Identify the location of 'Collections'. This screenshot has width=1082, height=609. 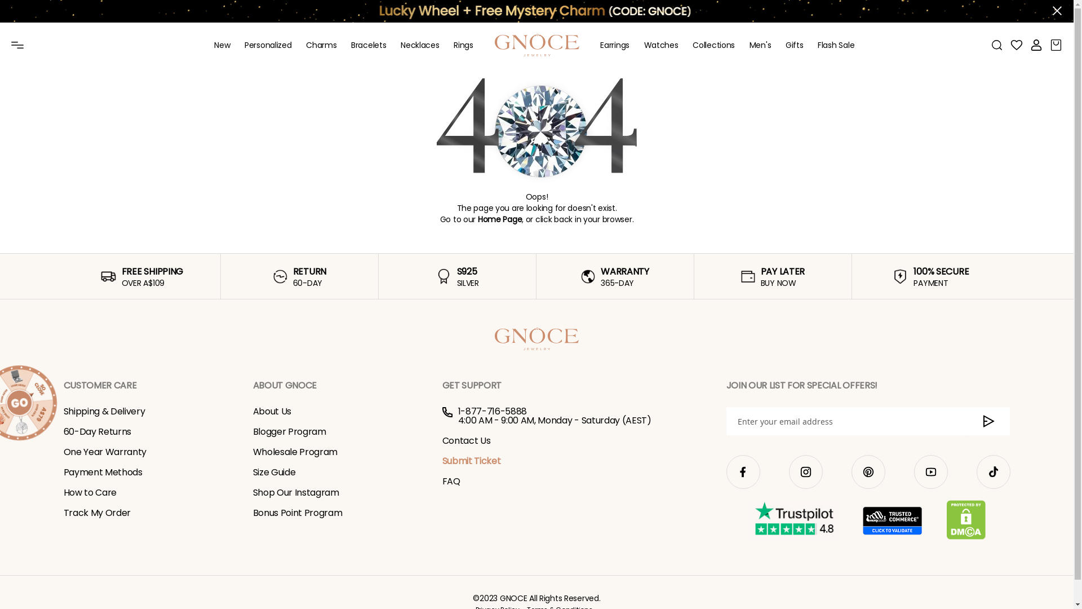
(713, 45).